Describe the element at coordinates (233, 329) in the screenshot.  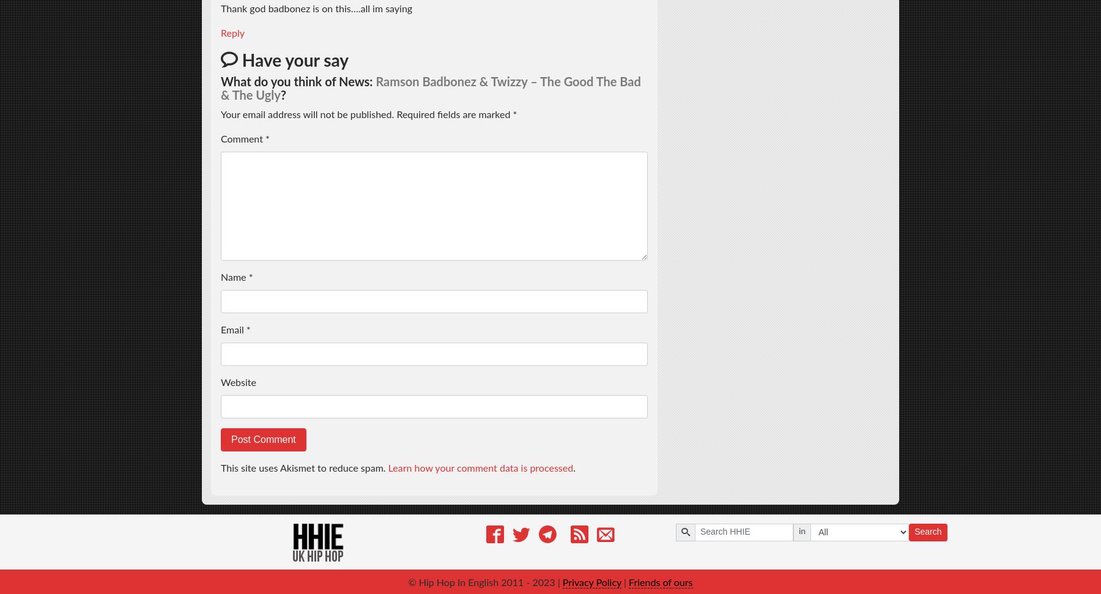
I see `'Email'` at that location.